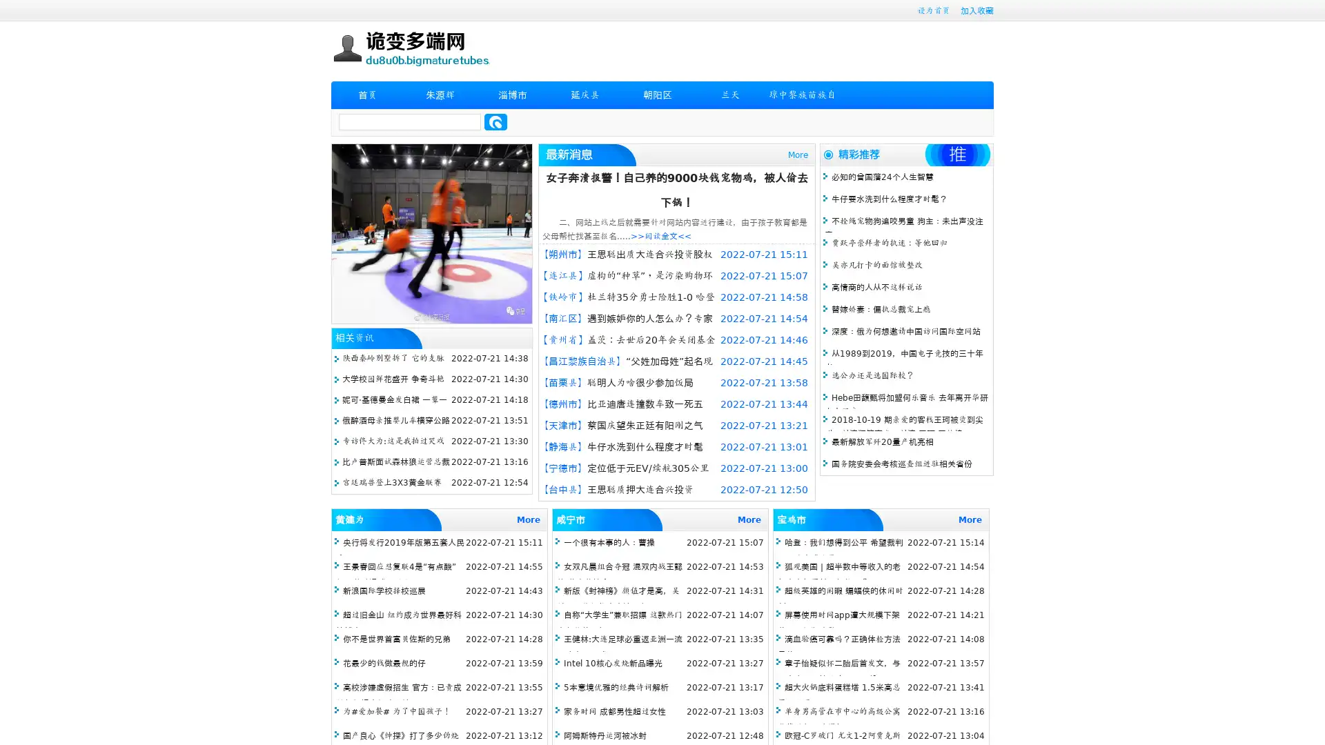 The height and width of the screenshot is (745, 1325). What do you see at coordinates (495, 121) in the screenshot?
I see `Search` at bounding box center [495, 121].